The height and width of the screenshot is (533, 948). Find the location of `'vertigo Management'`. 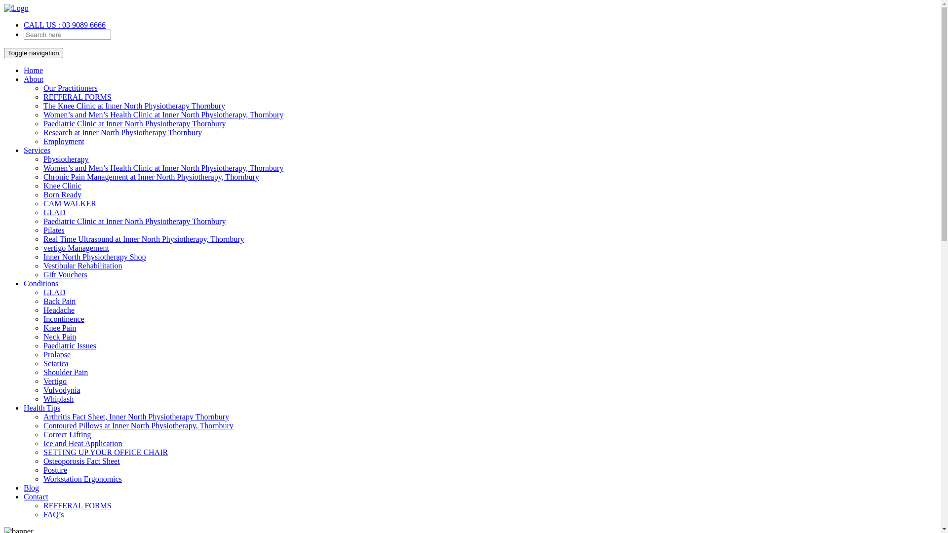

'vertigo Management' is located at coordinates (76, 247).